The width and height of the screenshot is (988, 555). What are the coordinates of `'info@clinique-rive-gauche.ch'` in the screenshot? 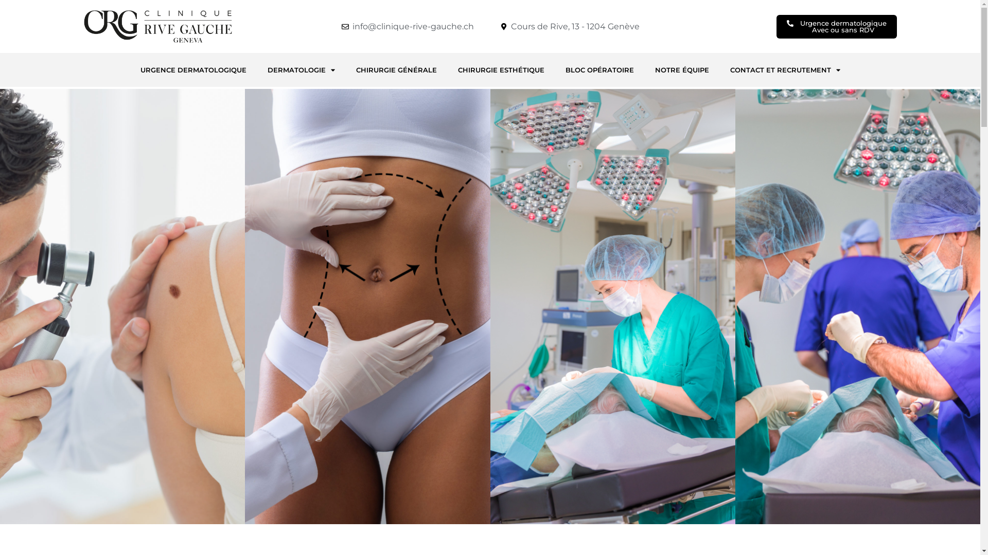 It's located at (407, 26).